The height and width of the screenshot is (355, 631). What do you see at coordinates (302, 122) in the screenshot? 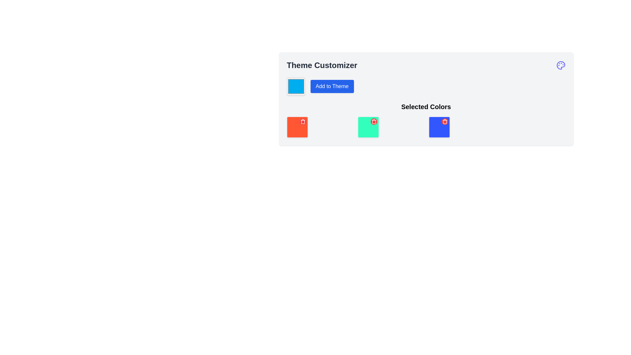
I see `the delete action button represented by a trash icon, which is a small circular button with a red background located at the top-right corner of the blue square in the 'Selected Colors' section` at bounding box center [302, 122].